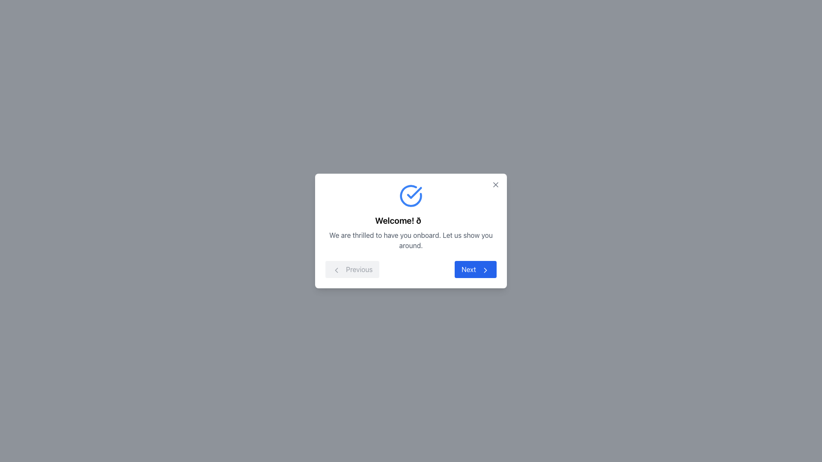  What do you see at coordinates (411, 240) in the screenshot?
I see `the static welcome message that introduces users and encourages them to proceed, which is the second text element in the dialog box, located above the 'Previous' and 'Next' buttons` at bounding box center [411, 240].